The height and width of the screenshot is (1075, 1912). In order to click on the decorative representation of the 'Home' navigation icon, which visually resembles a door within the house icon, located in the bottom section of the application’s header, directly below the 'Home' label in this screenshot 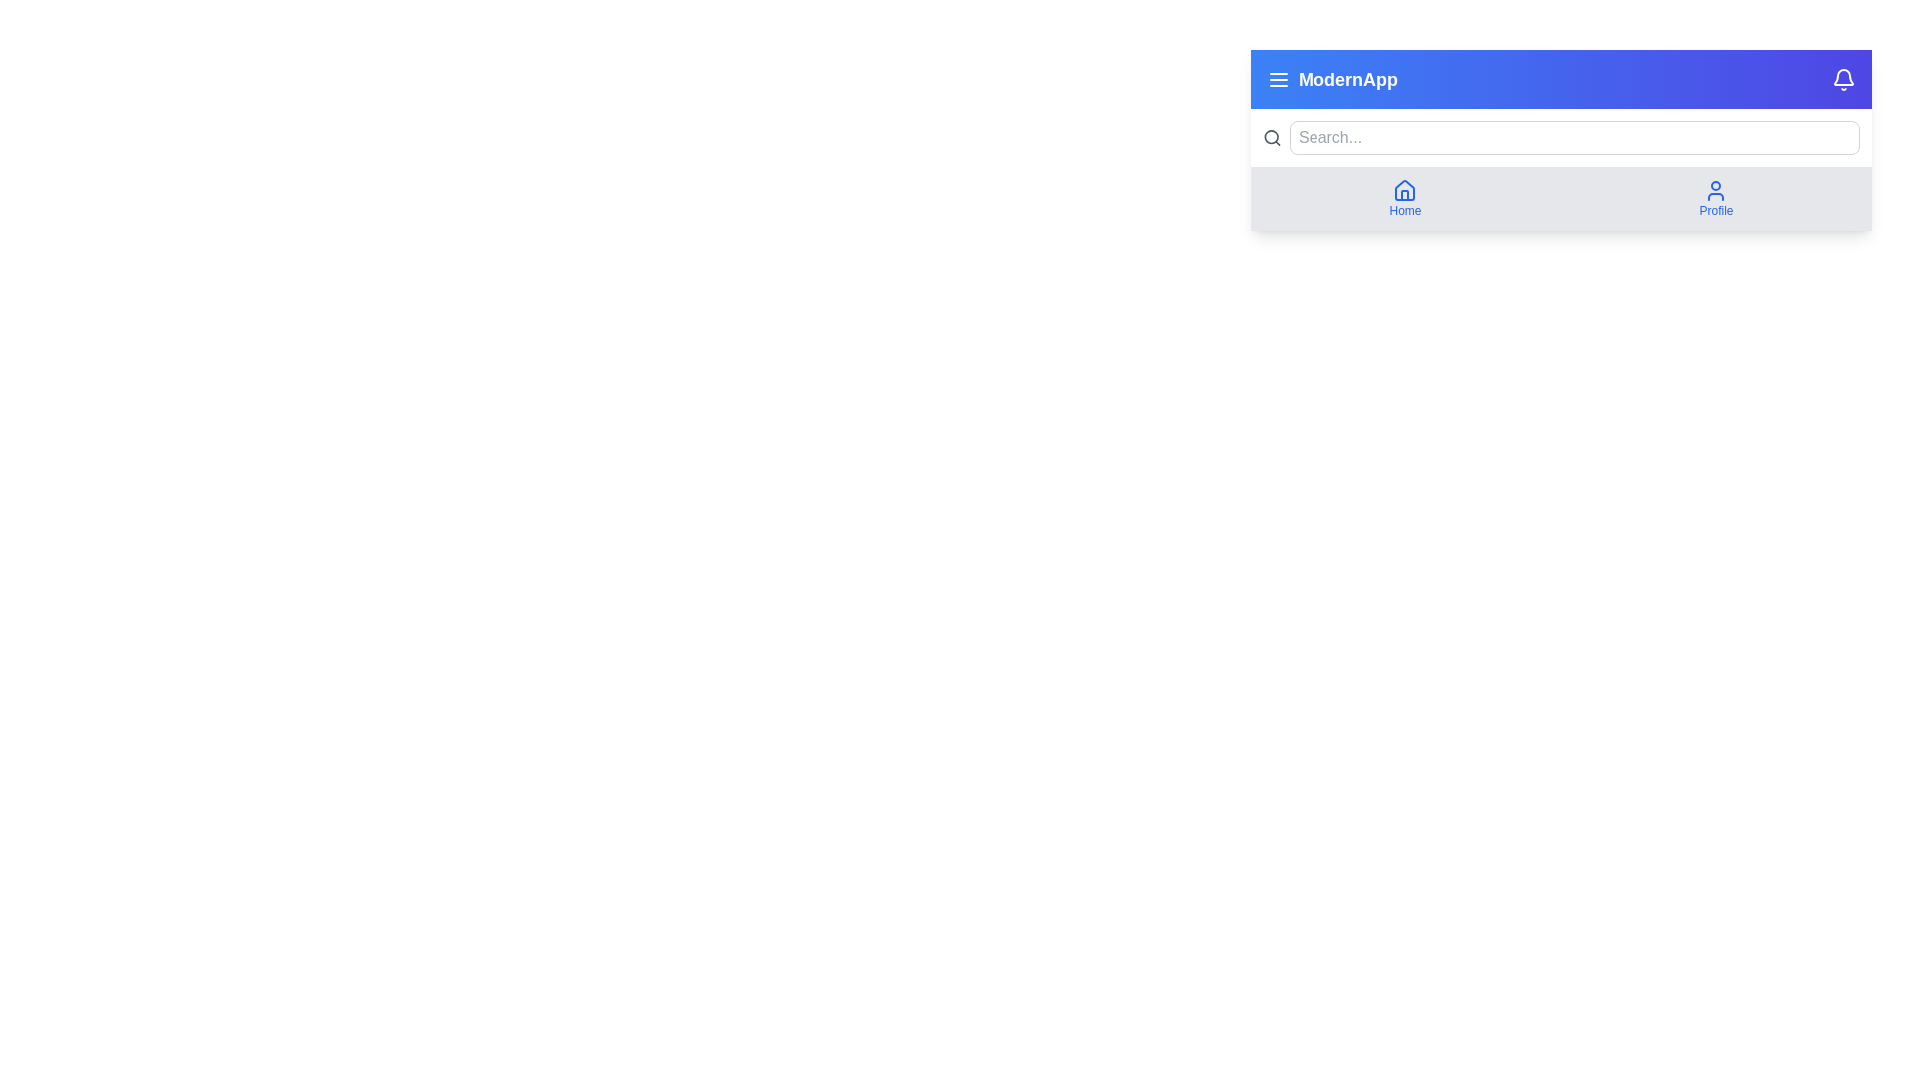, I will do `click(1404, 195)`.